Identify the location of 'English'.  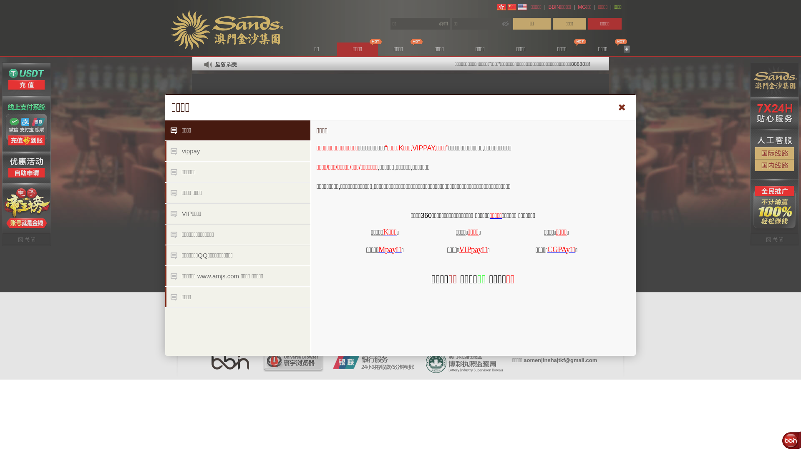
(522, 7).